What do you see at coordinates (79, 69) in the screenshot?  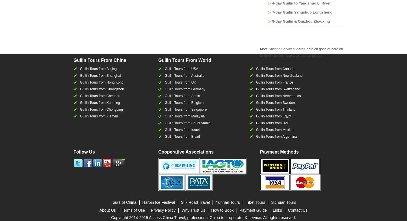 I see `'Guilin Tours from Beijing'` at bounding box center [79, 69].